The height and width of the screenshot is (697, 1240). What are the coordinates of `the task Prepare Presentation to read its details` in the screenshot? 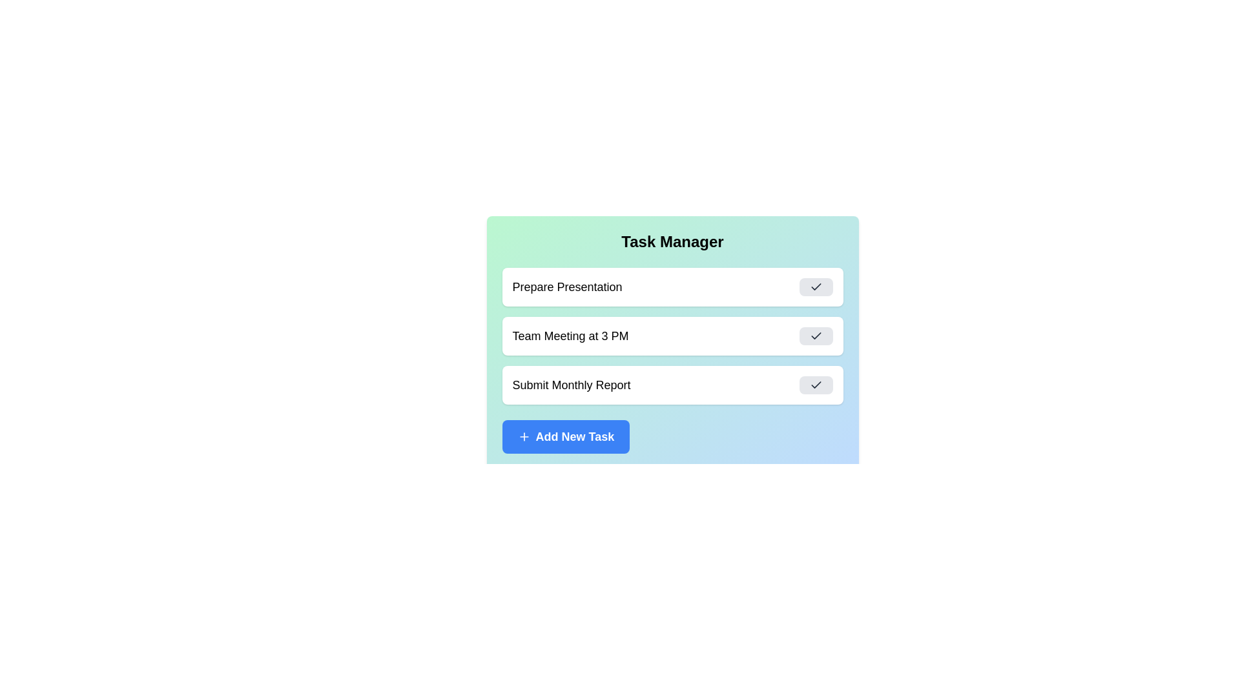 It's located at (672, 286).